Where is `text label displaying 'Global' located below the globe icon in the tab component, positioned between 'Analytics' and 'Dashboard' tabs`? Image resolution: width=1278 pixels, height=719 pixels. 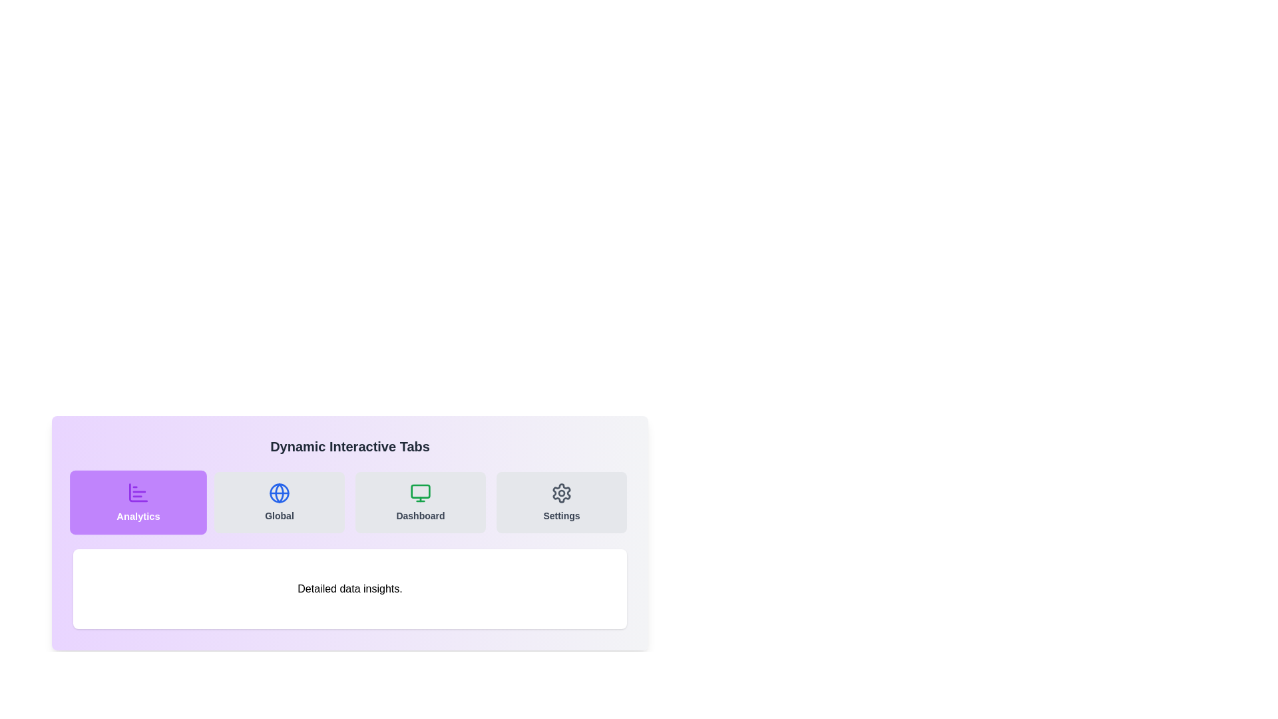
text label displaying 'Global' located below the globe icon in the tab component, positioned between 'Analytics' and 'Dashboard' tabs is located at coordinates (279, 515).